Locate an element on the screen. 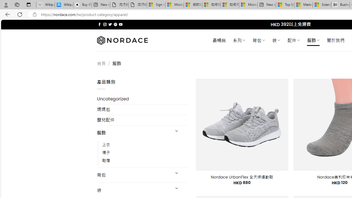  'Follow on Facebook' is located at coordinates (100, 24).